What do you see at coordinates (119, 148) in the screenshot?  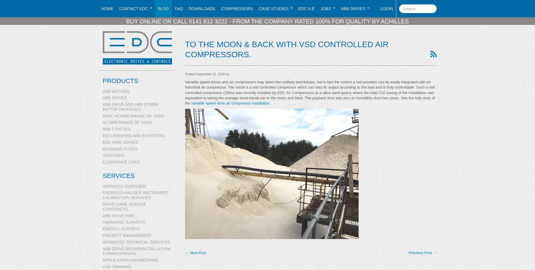 I see `'Bussman Fuses'` at bounding box center [119, 148].